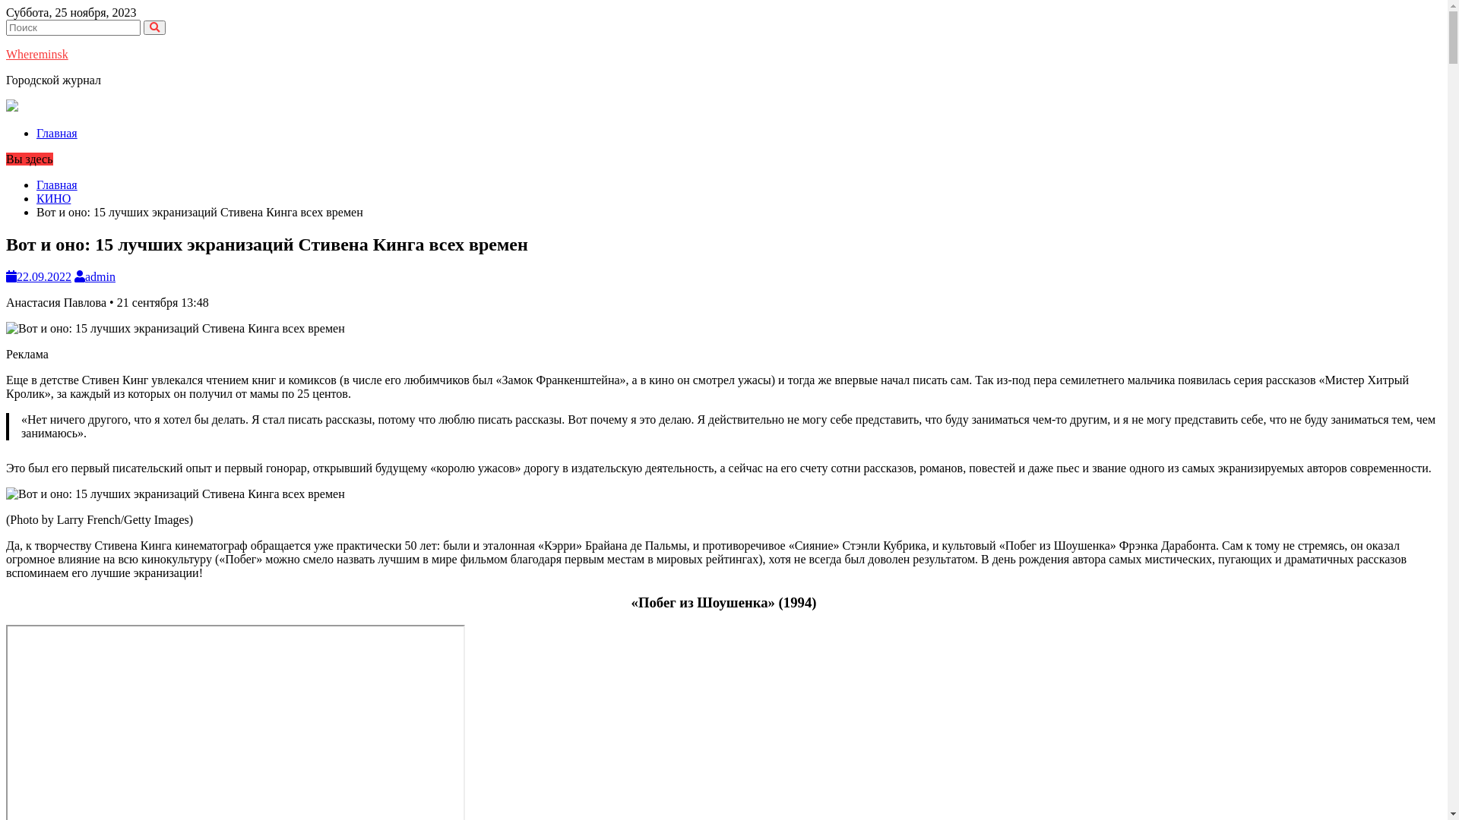 The width and height of the screenshot is (1459, 820). Describe the element at coordinates (93, 276) in the screenshot. I see `'admin'` at that location.